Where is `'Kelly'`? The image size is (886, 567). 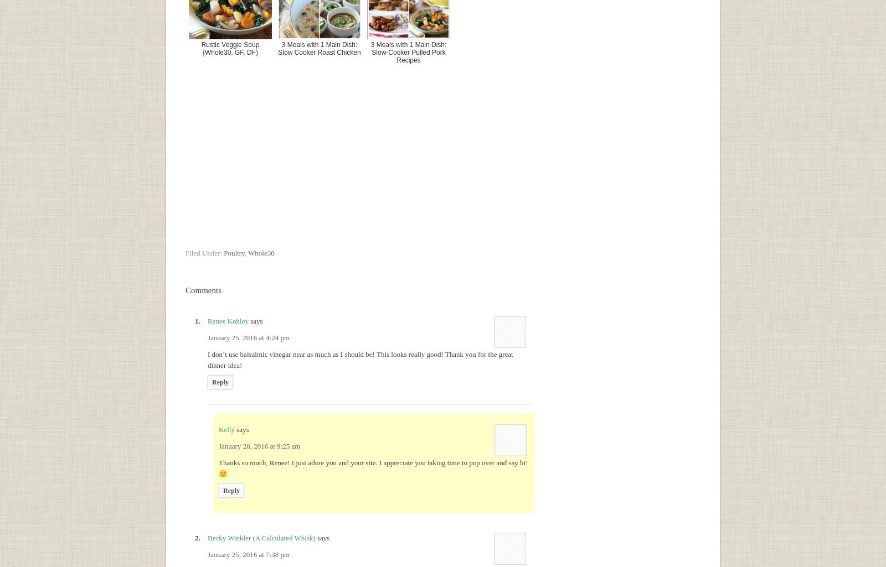
'Kelly' is located at coordinates (225, 429).